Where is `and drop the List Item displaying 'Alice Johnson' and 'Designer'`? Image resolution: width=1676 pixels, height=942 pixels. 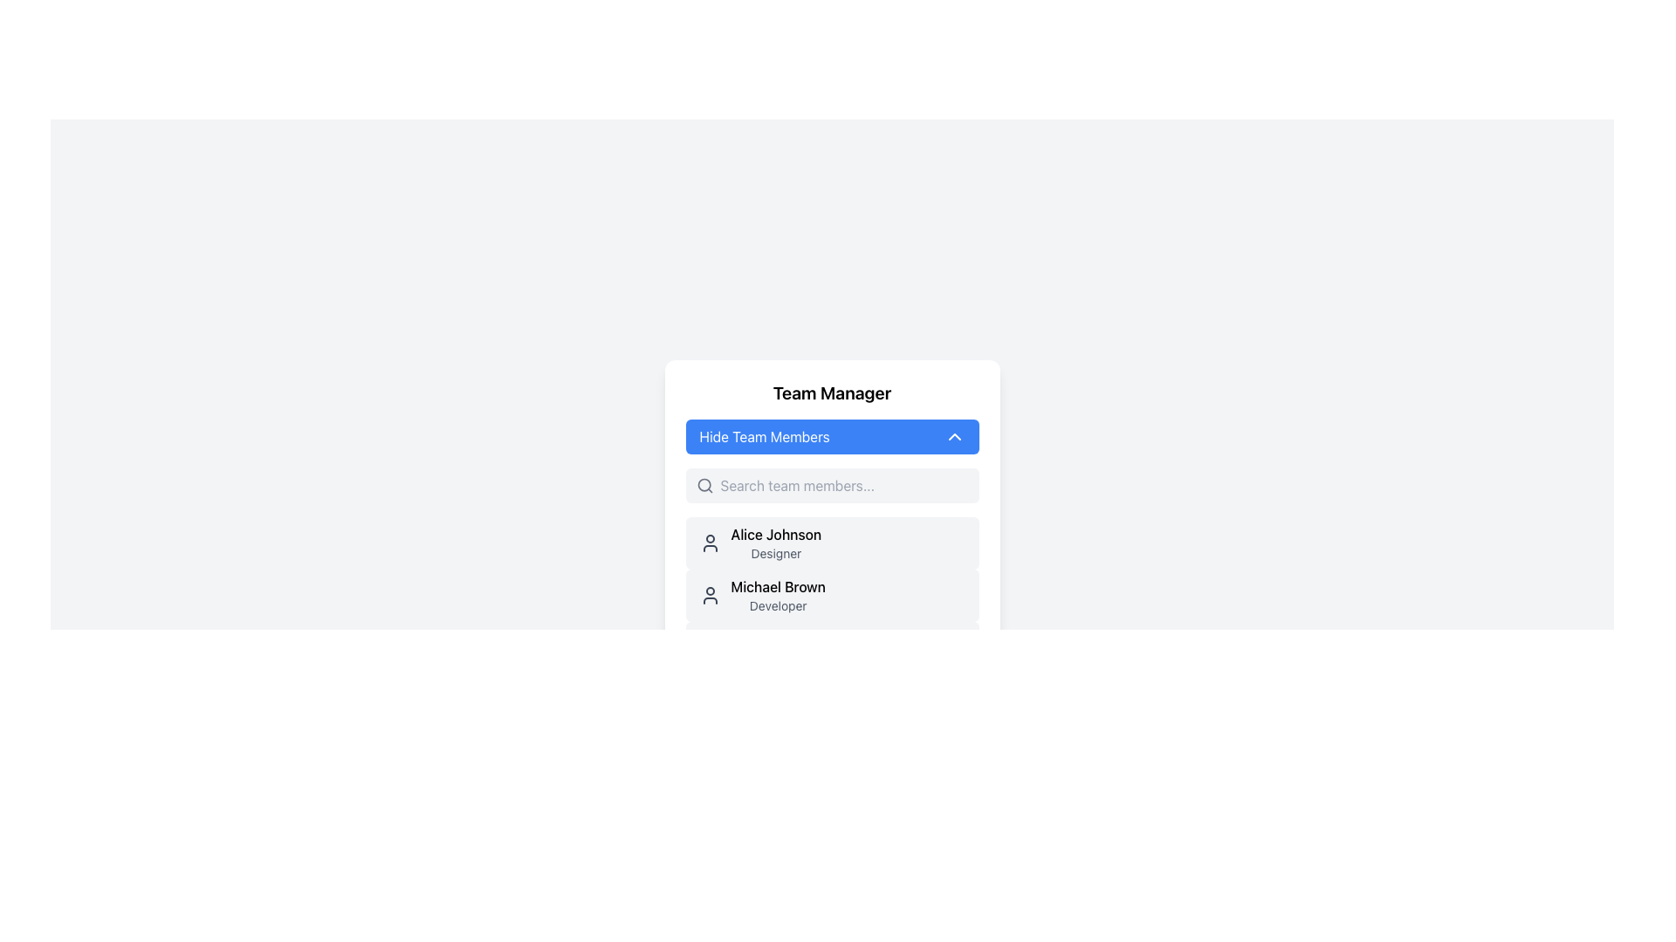
and drop the List Item displaying 'Alice Johnson' and 'Designer' is located at coordinates (760, 543).